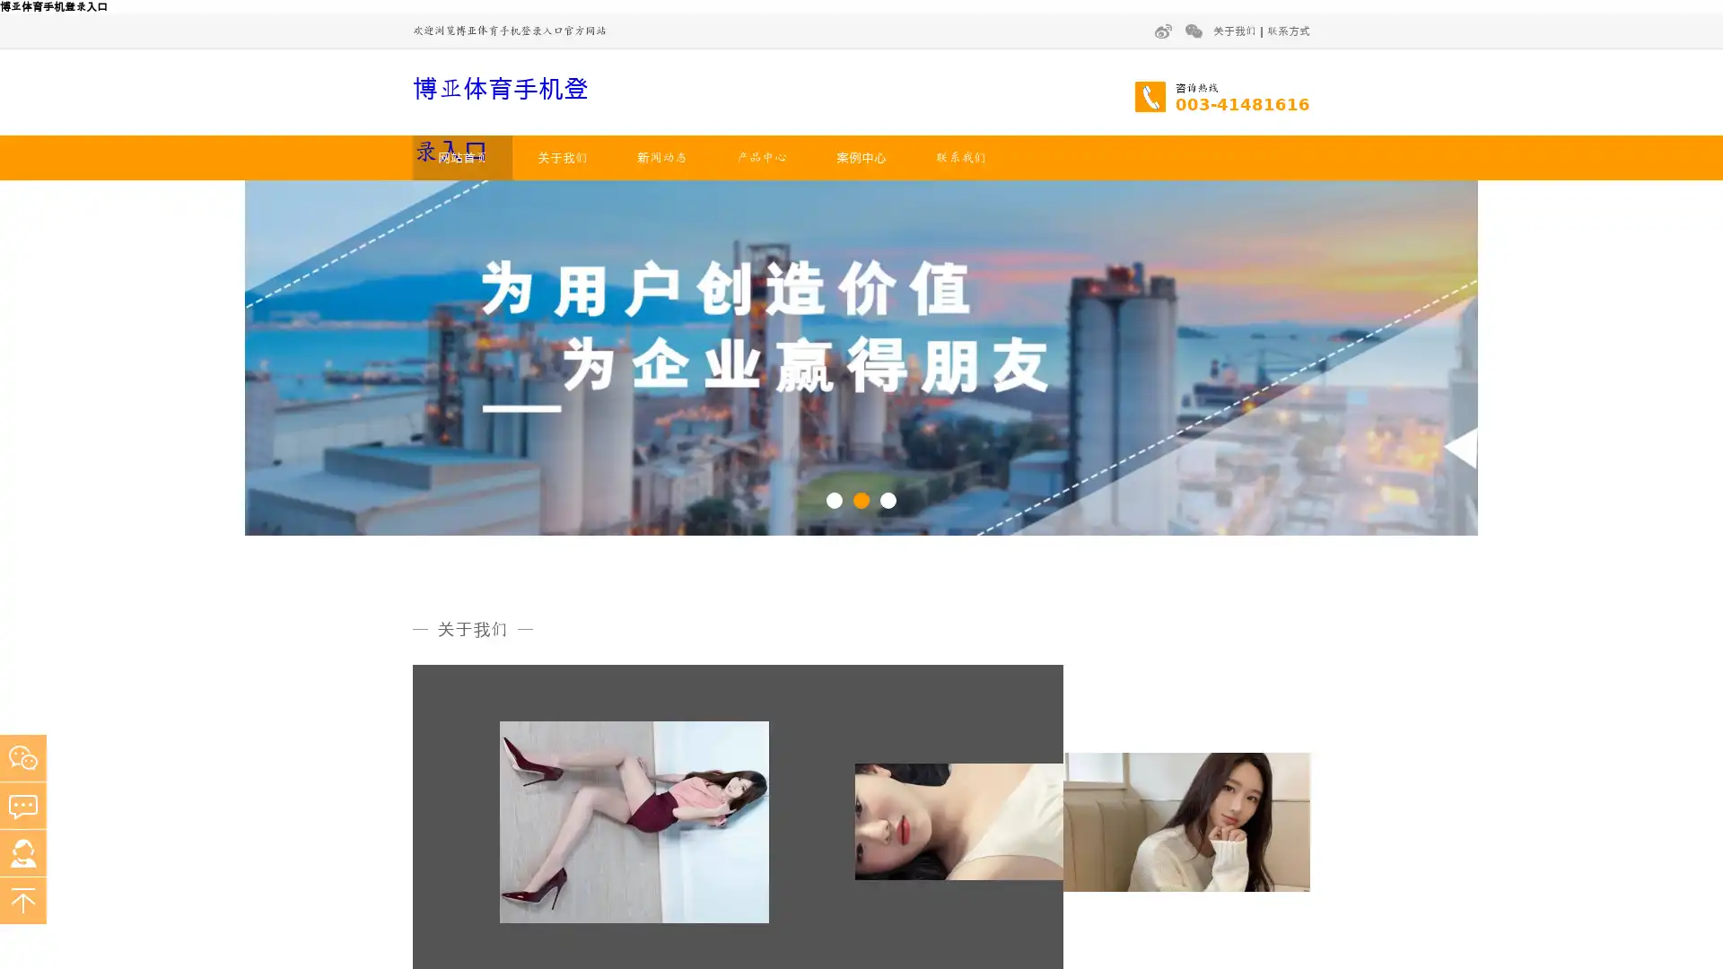  I want to click on 2, so click(861, 499).